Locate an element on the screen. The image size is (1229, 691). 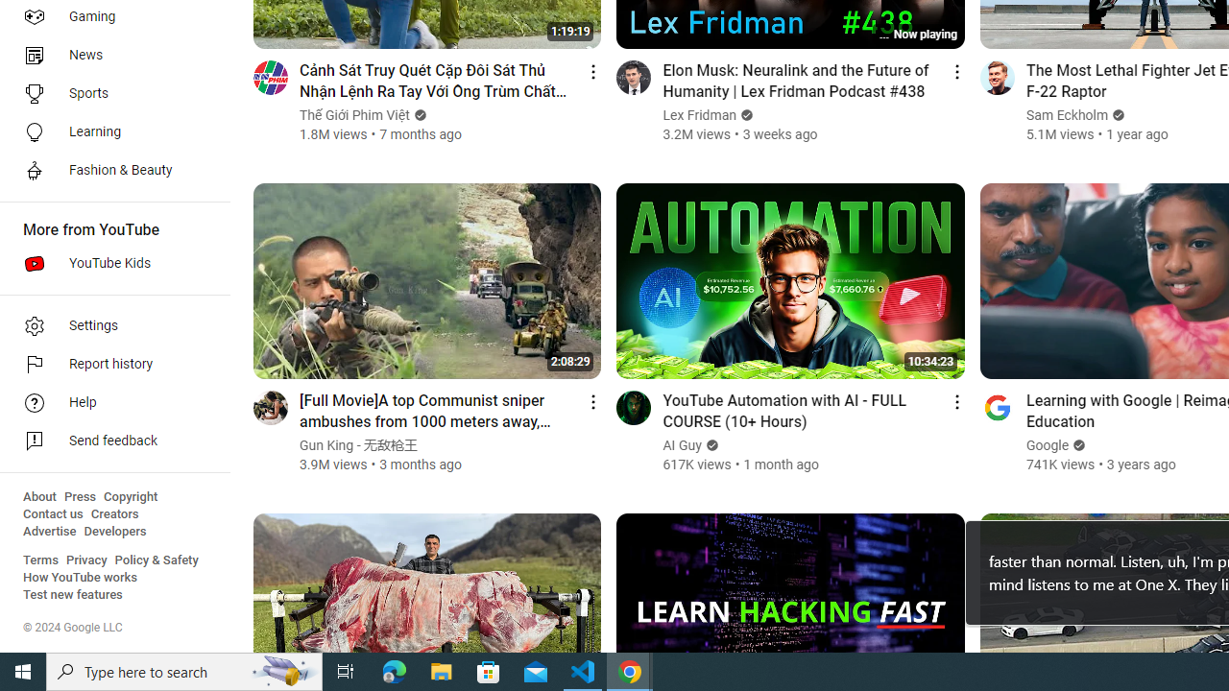
'Test new features' is located at coordinates (73, 594).